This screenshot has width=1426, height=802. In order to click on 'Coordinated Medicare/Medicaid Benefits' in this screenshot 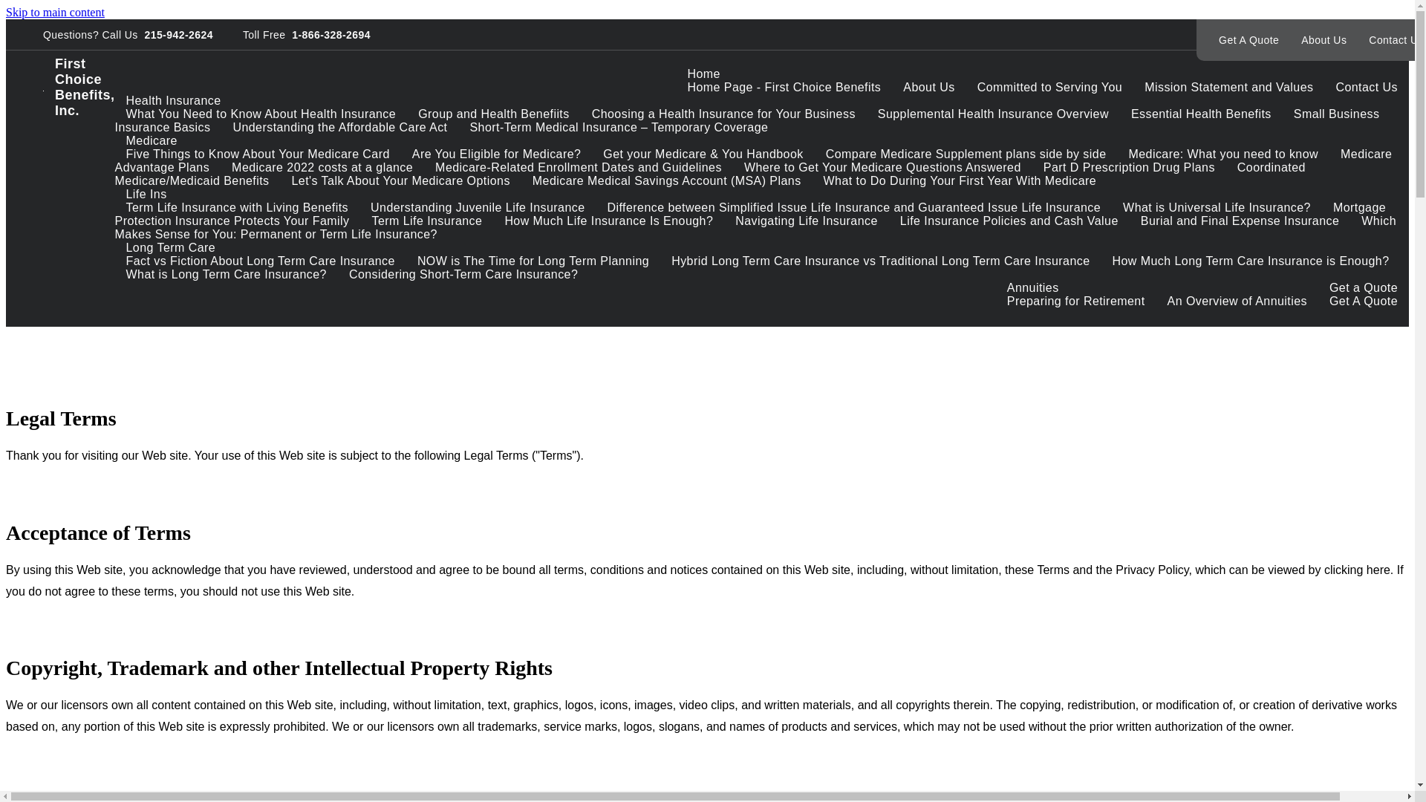, I will do `click(709, 173)`.